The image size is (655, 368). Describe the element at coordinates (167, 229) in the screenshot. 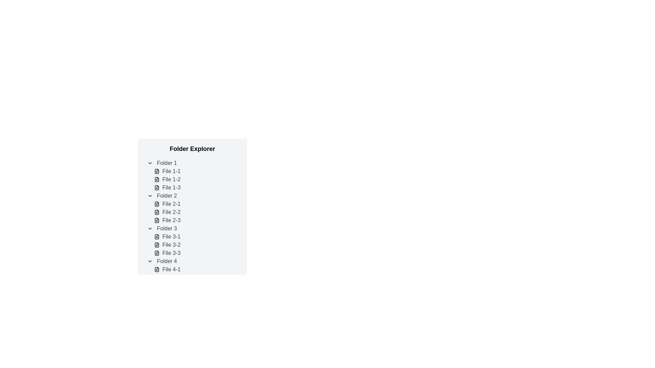

I see `the text label representing the folder in the file structure interface` at that location.